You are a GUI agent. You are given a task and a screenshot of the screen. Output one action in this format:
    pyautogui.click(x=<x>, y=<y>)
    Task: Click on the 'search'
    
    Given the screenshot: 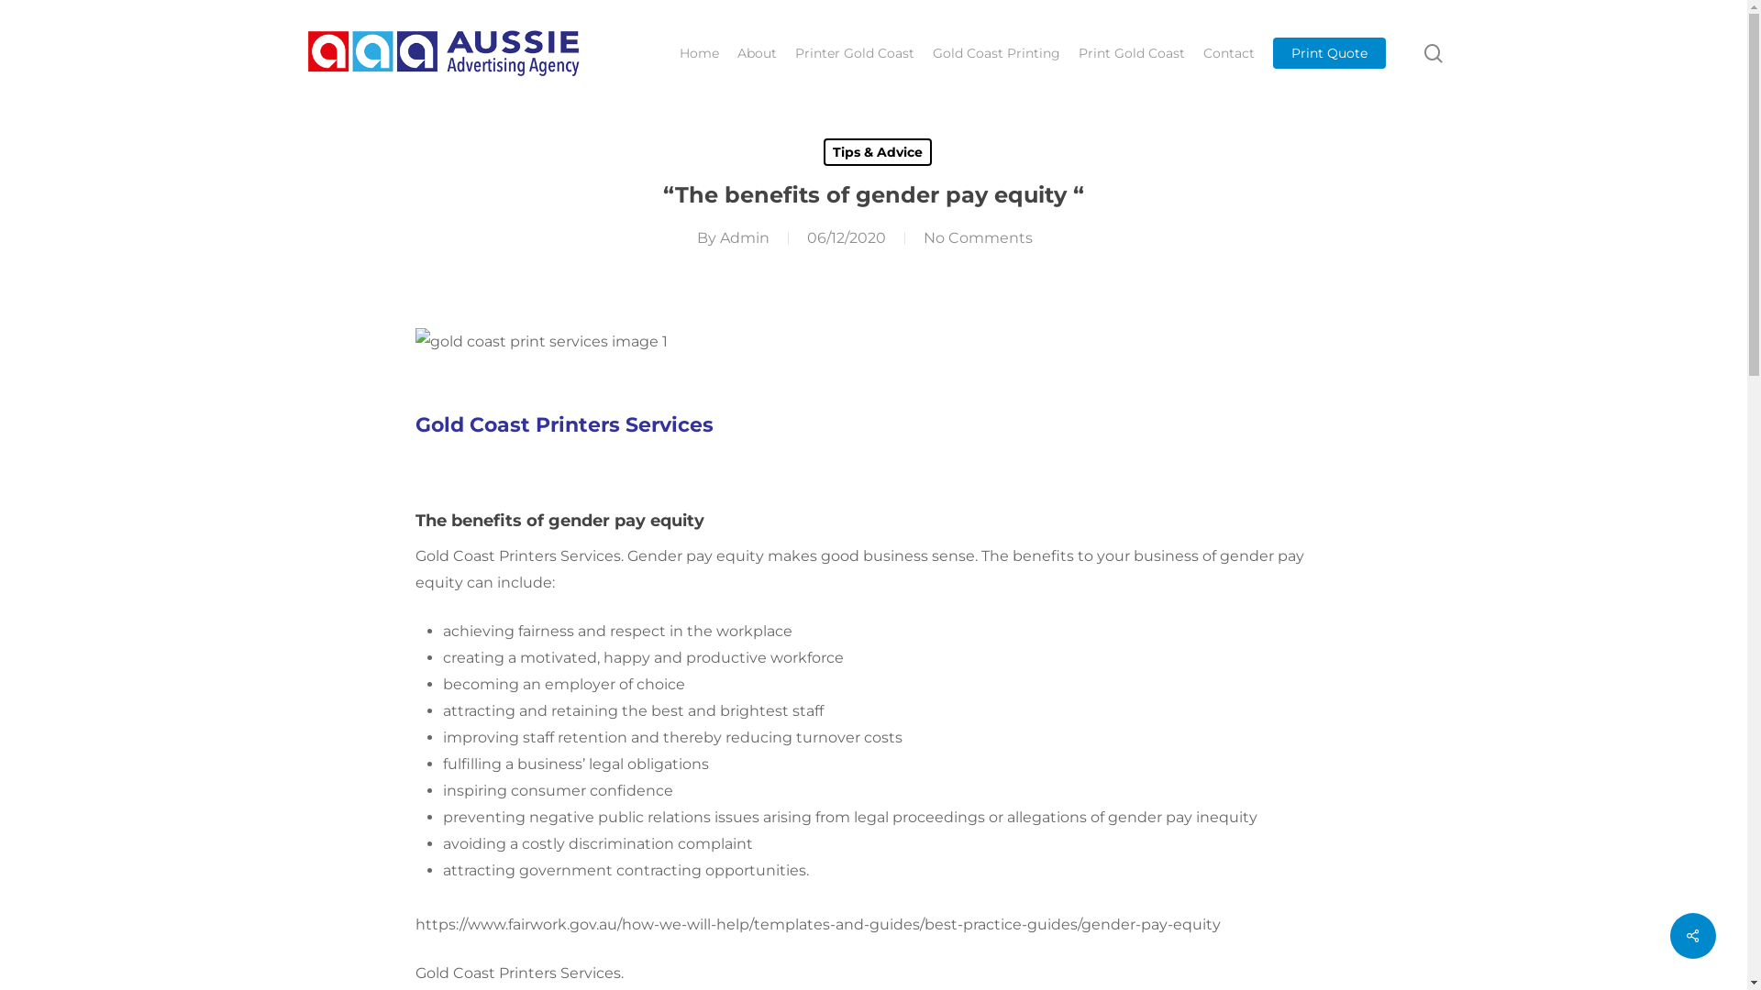 What is the action you would take?
    pyautogui.click(x=1433, y=52)
    